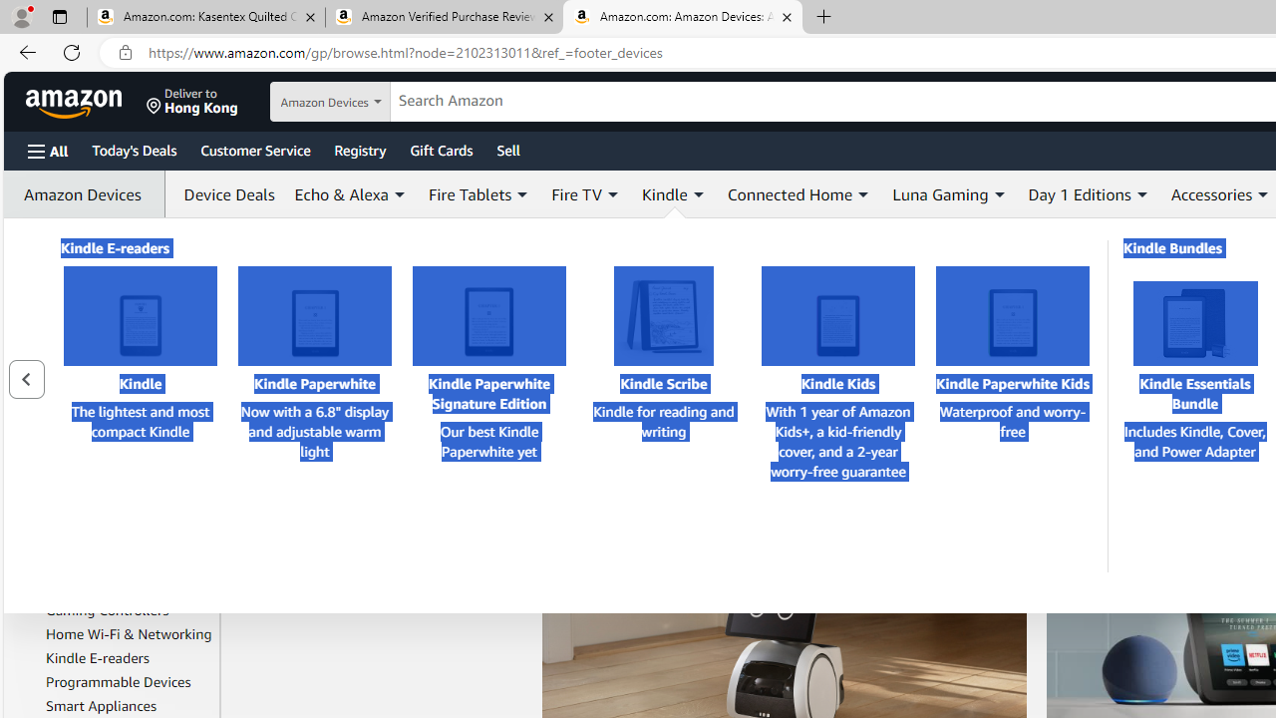  I want to click on 'Skip to main content', so click(86, 100).